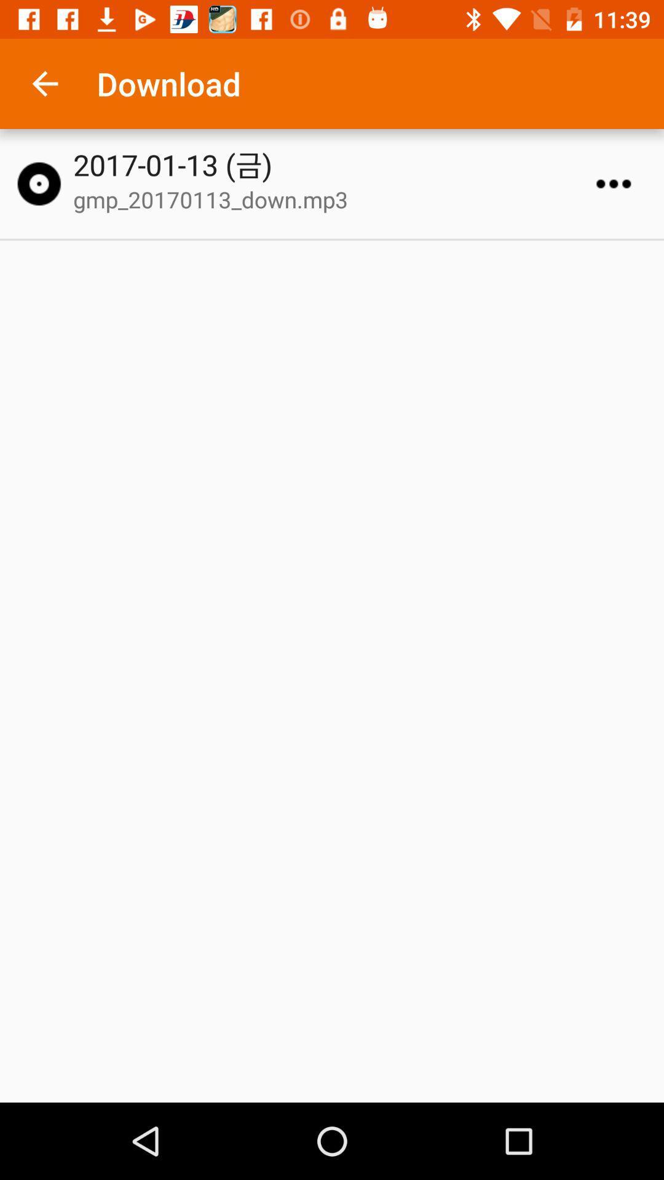 This screenshot has width=664, height=1180. What do you see at coordinates (38, 183) in the screenshot?
I see `the item to the left of 2017 01 13` at bounding box center [38, 183].